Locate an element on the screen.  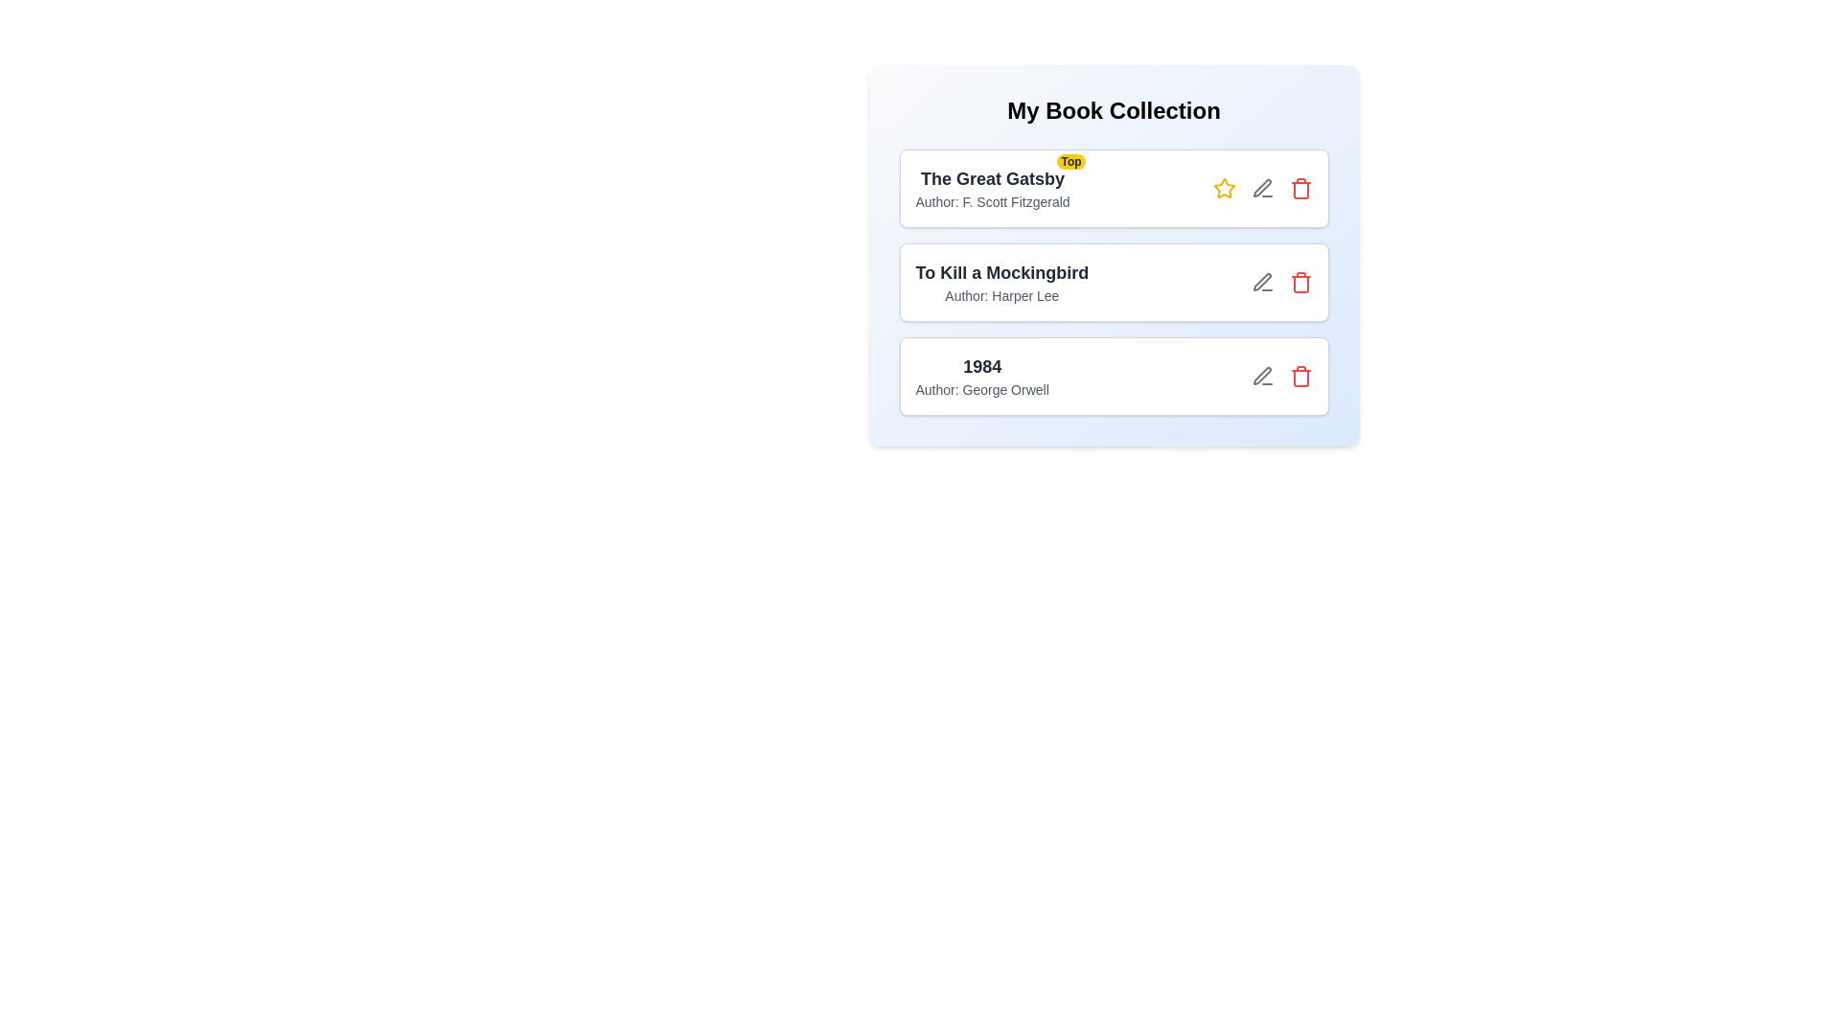
the edit button for the book titled To Kill a Mockingbird is located at coordinates (1262, 282).